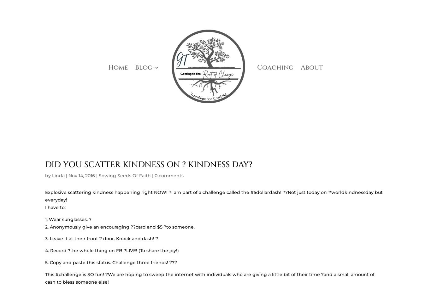 This screenshot has height=289, width=431. I want to click on 'HOW I LEARNED TO CHOOSE JOY AND FIND MY PURPOSE', so click(167, 140).